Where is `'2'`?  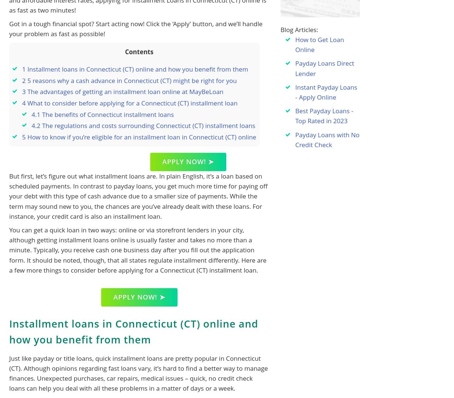 '2' is located at coordinates (24, 80).